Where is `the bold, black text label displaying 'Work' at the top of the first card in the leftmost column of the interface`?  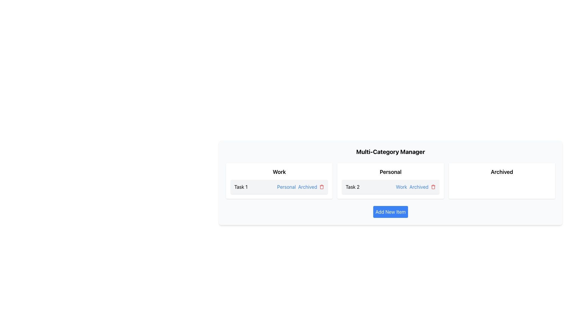 the bold, black text label displaying 'Work' at the top of the first card in the leftmost column of the interface is located at coordinates (279, 172).